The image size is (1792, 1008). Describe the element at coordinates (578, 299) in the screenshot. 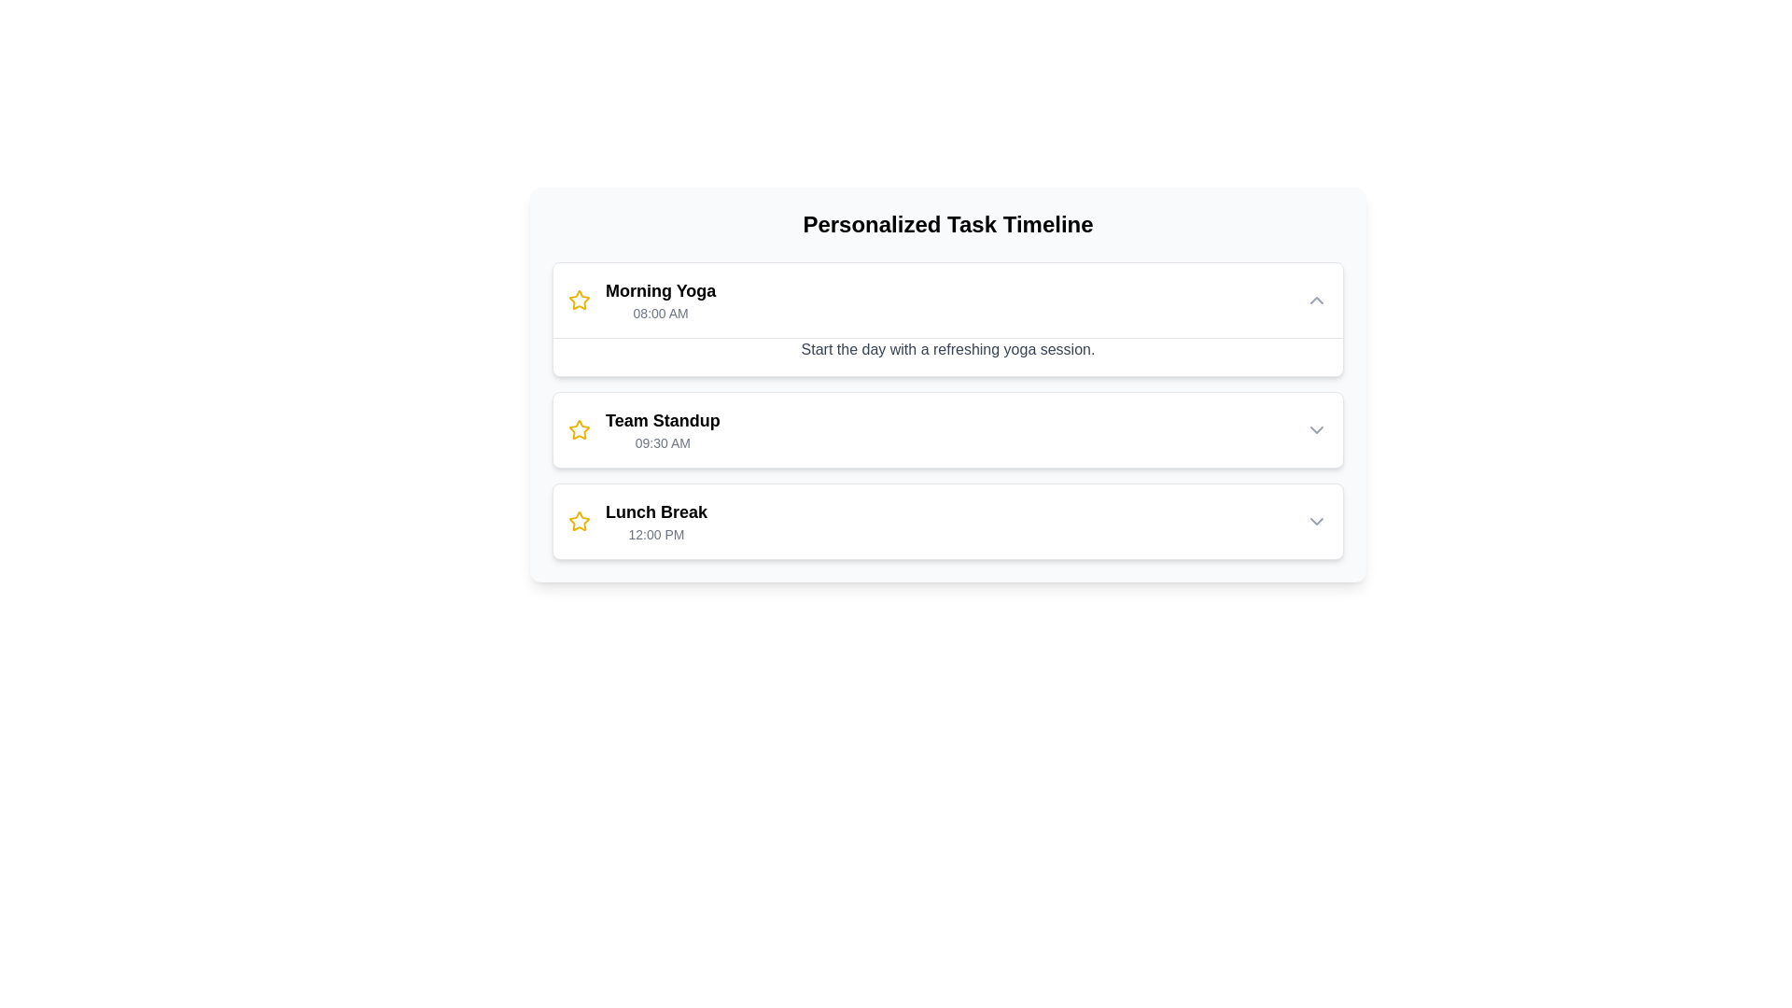

I see `the icon indicating the importance or favorite status of the 'Morning Yoga' activity scheduled at '08:00 AM'` at that location.